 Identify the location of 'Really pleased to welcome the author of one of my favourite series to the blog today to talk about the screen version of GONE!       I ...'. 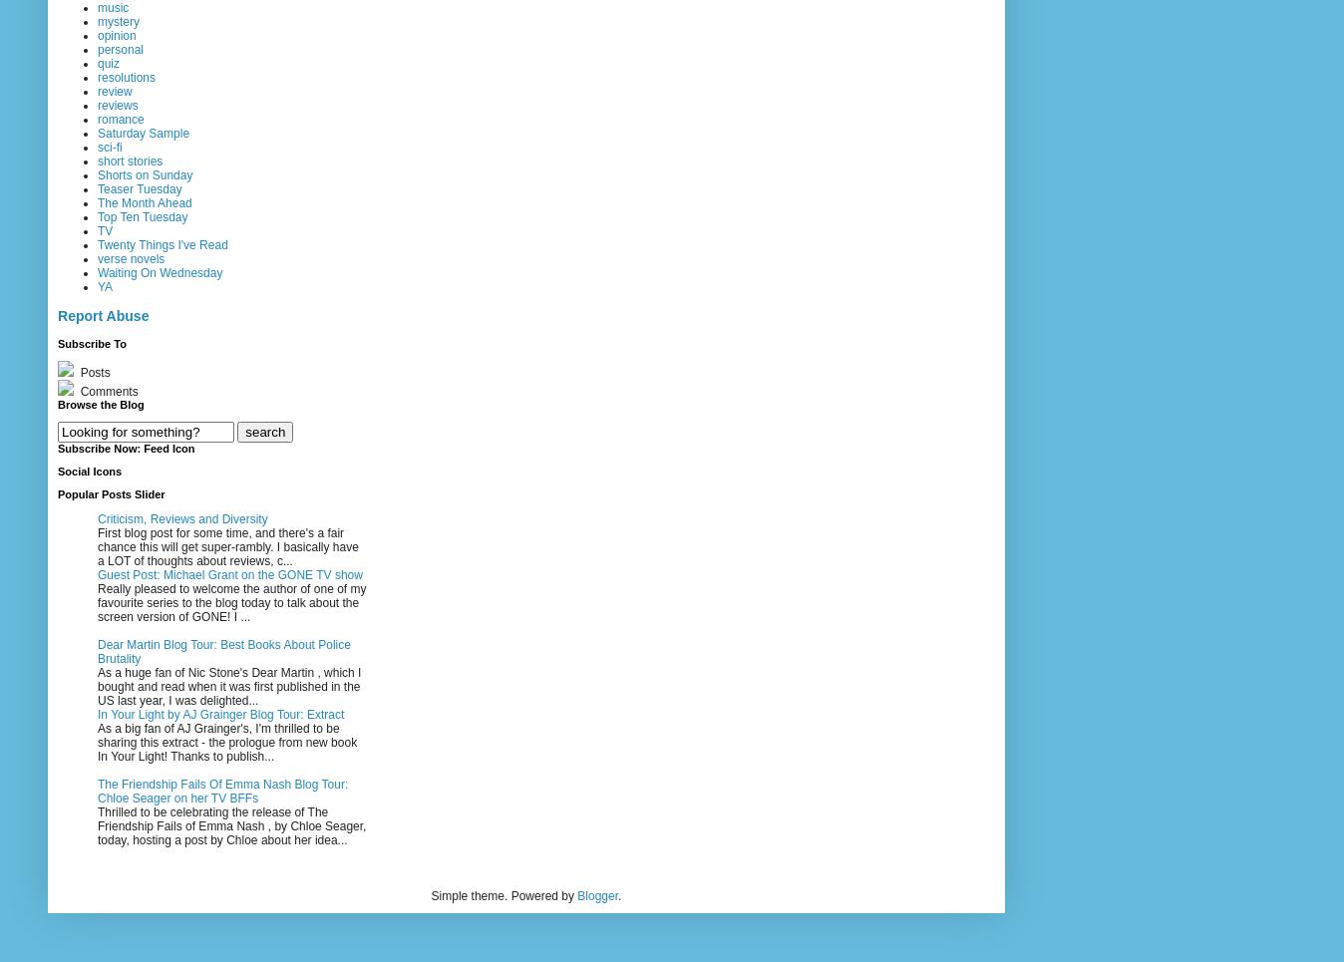
(231, 601).